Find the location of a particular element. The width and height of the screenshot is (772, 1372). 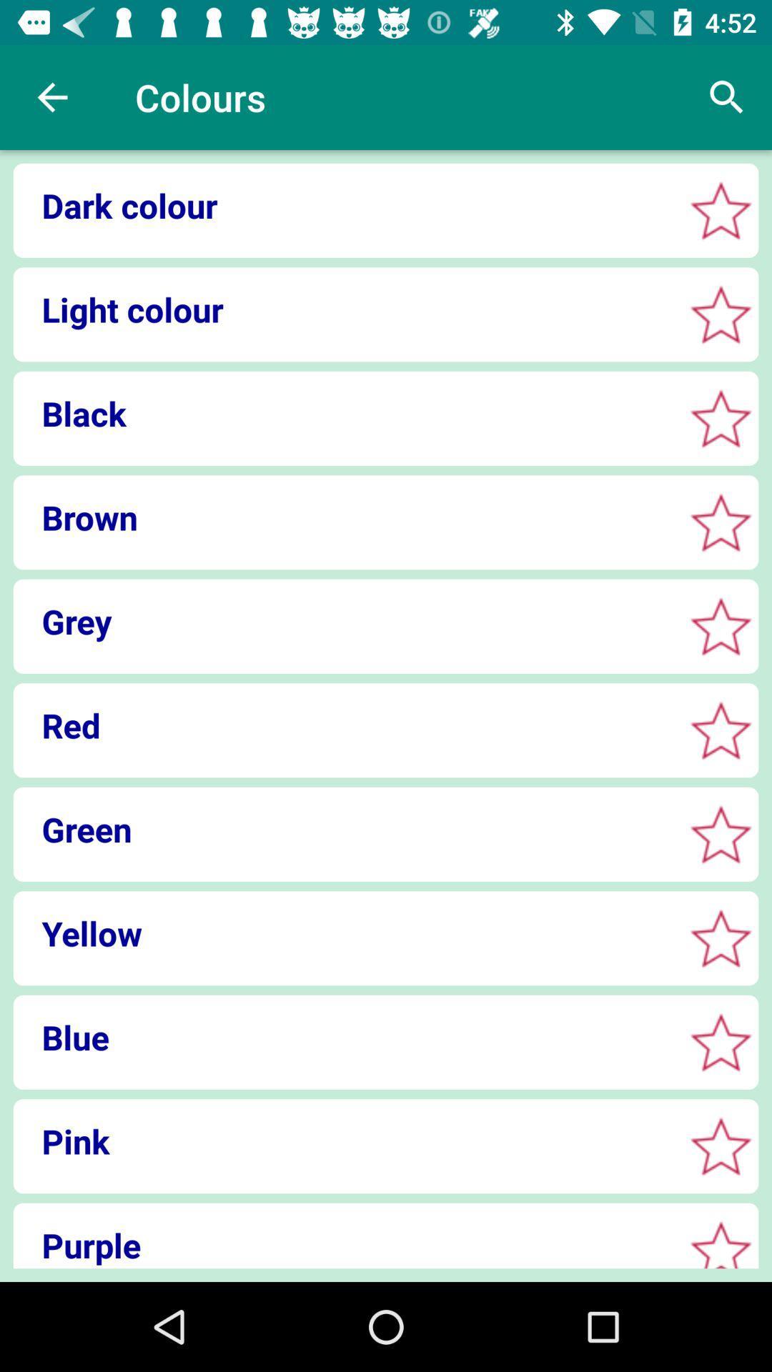

brown is located at coordinates (721, 522).